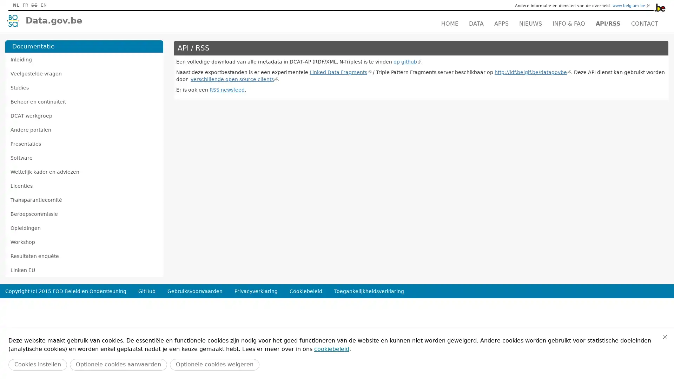 The height and width of the screenshot is (379, 674). What do you see at coordinates (665, 337) in the screenshot?
I see `Sluiten` at bounding box center [665, 337].